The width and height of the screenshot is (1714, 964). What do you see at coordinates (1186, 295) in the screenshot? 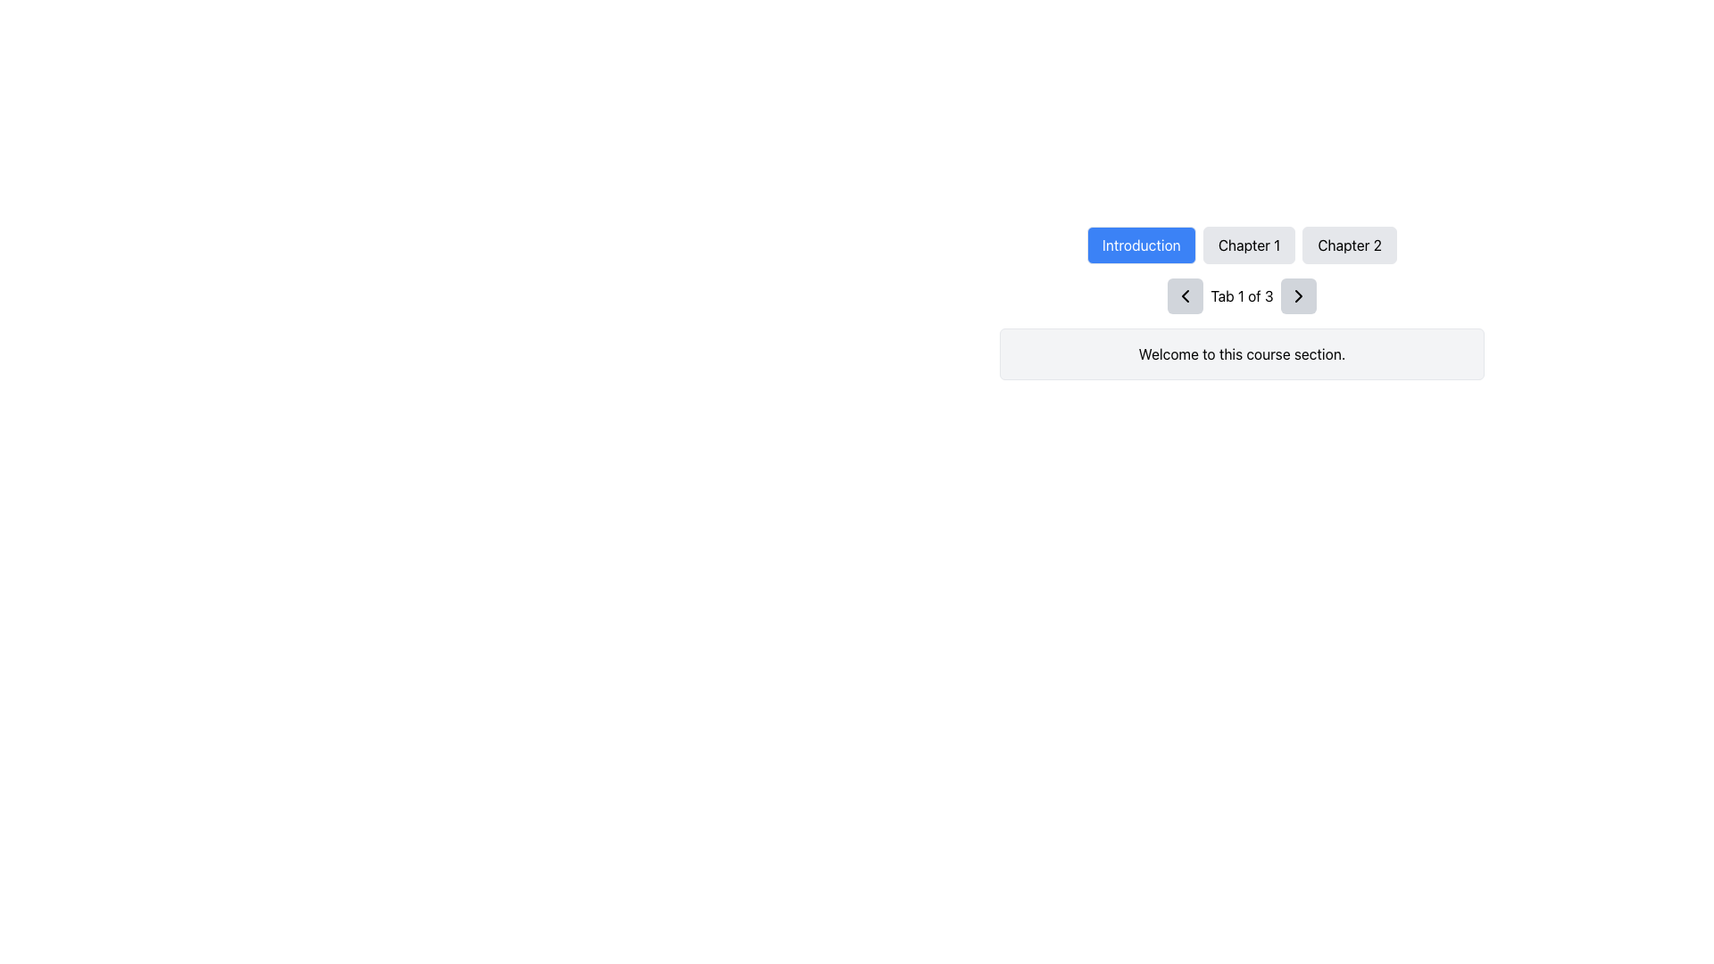
I see `the square button with a gray background and a leftward chevron arrow icon, which is the first interactive button in the navigation interface` at bounding box center [1186, 295].